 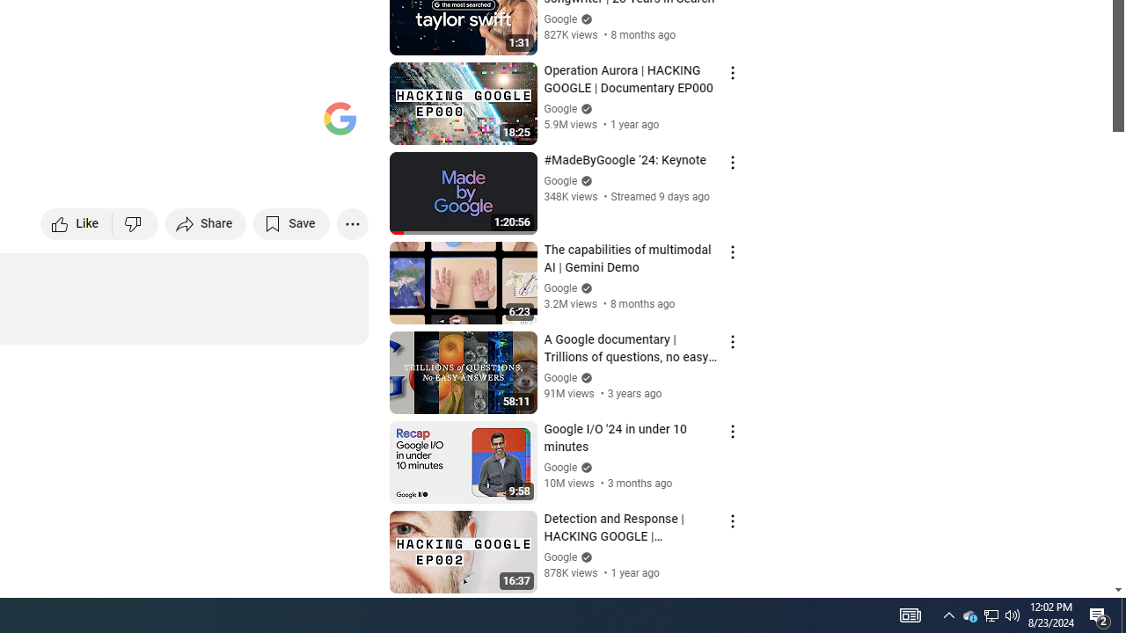 What do you see at coordinates (294, 124) in the screenshot?
I see `'Theater mode (t)'` at bounding box center [294, 124].